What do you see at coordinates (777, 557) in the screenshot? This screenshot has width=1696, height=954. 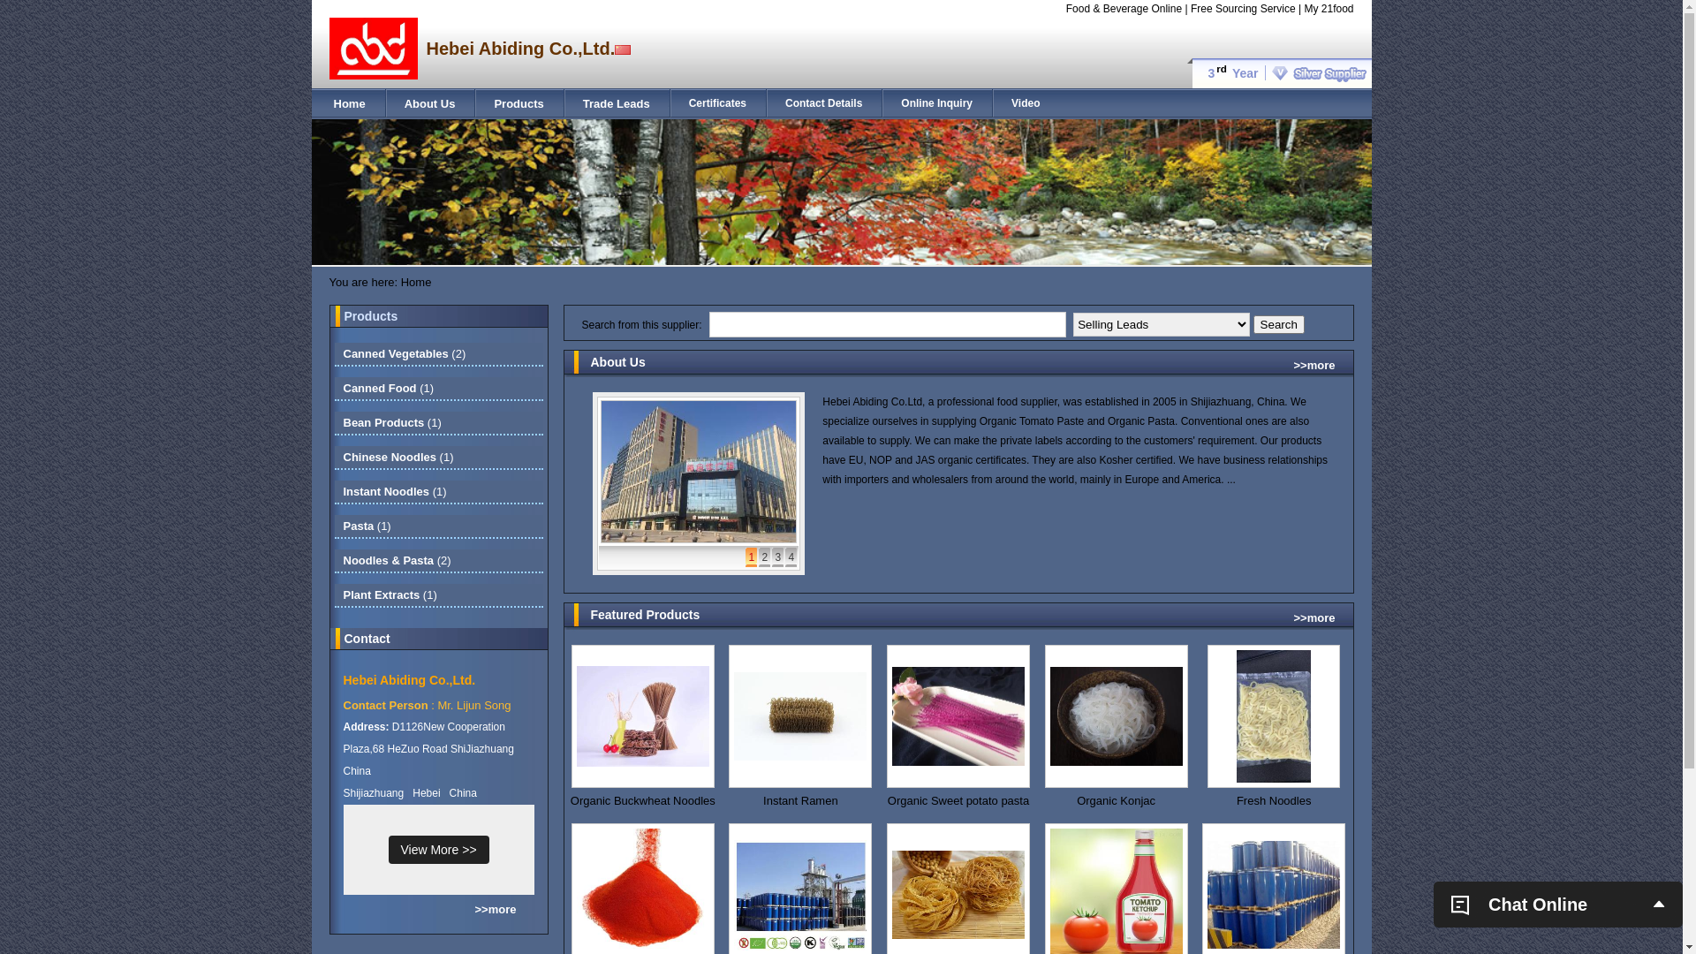 I see `'3'` at bounding box center [777, 557].